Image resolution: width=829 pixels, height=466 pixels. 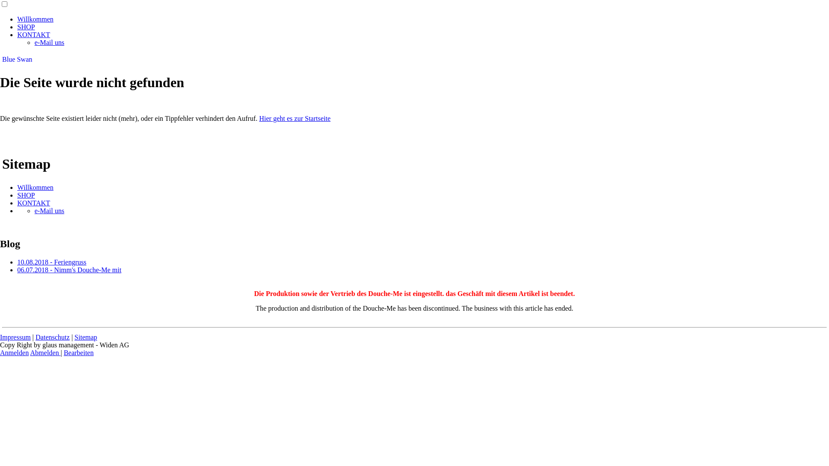 What do you see at coordinates (63, 353) in the screenshot?
I see `'Bearbeiten'` at bounding box center [63, 353].